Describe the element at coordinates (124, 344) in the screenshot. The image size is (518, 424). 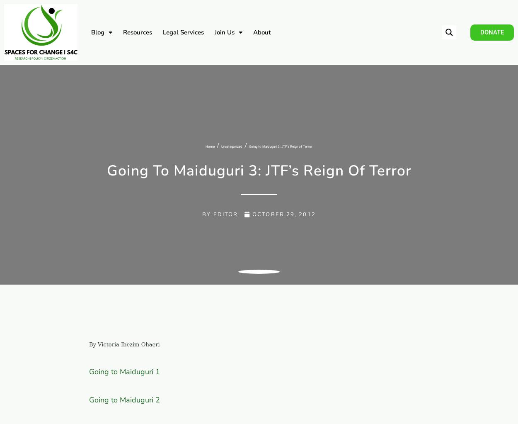
I see `'By Victoria Ibezim-Ohaeri'` at that location.